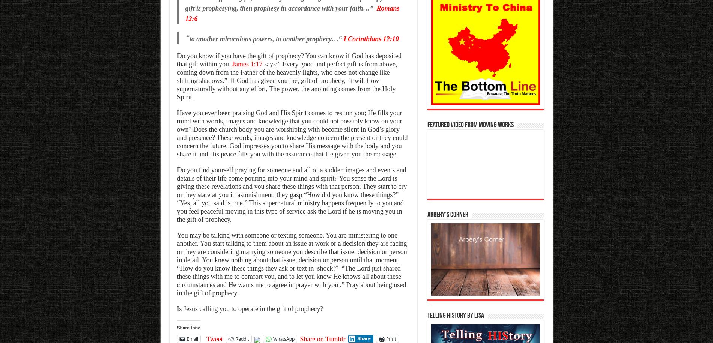  I want to click on 'to another prophecy', so click(303, 39).